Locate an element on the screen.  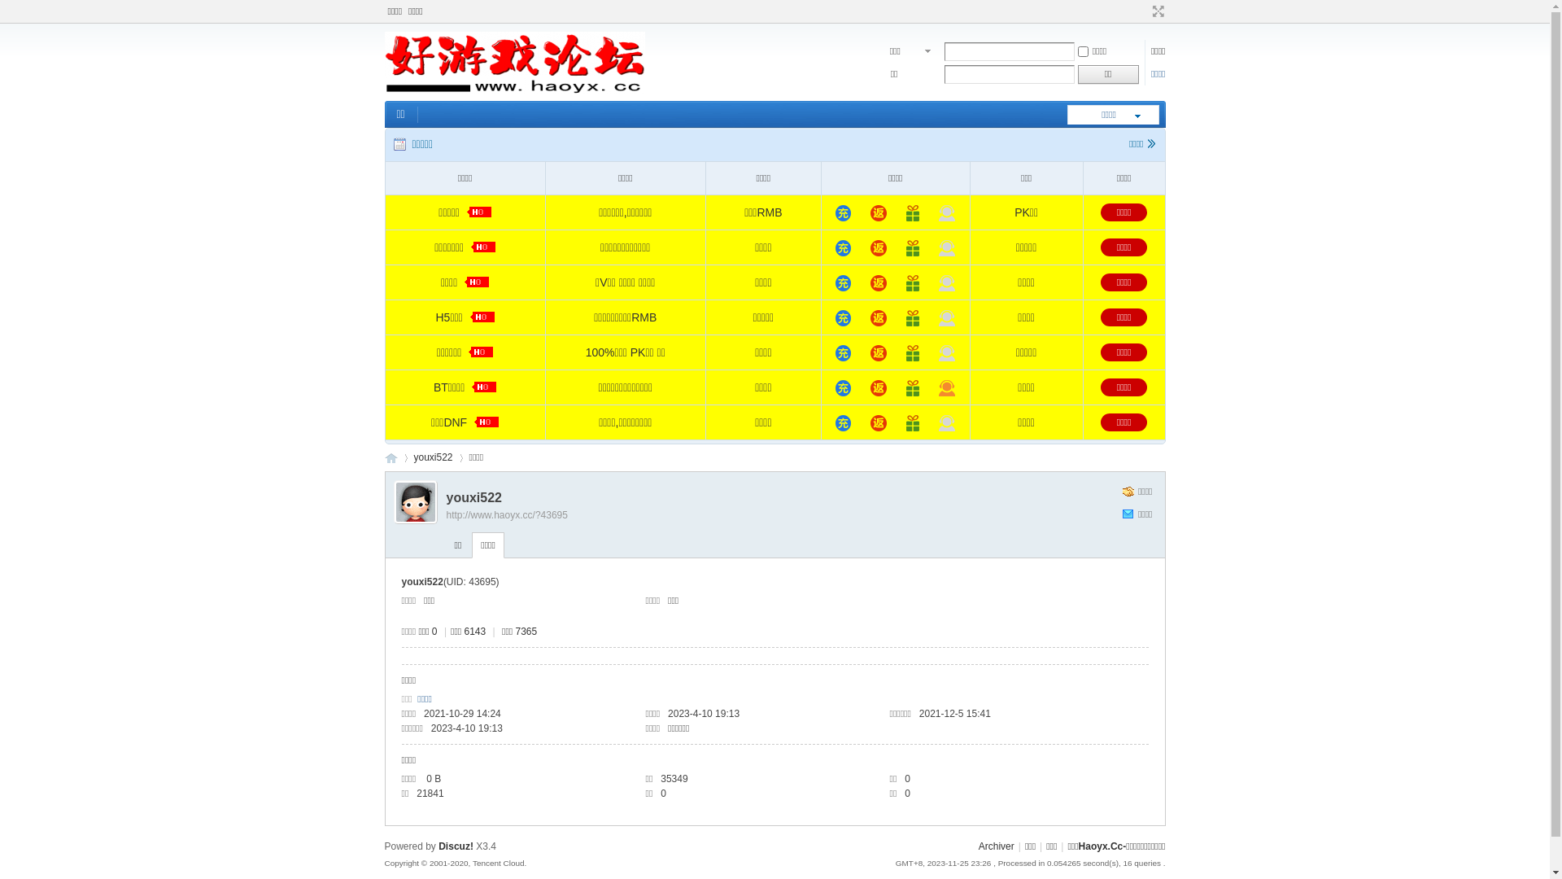
'http://www.haoyx.cc/?43695' is located at coordinates (505, 514).